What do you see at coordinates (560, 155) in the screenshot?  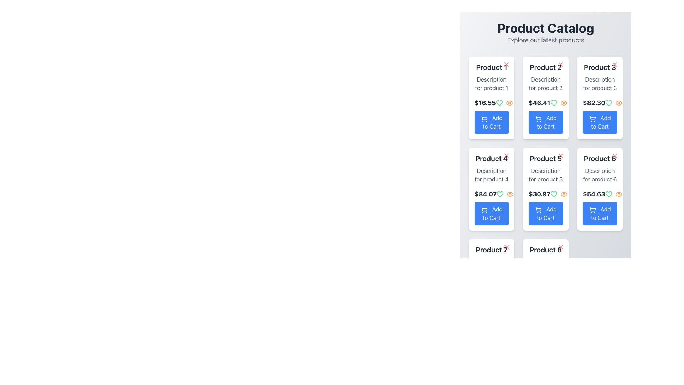 I see `the small red 'X' icon button located at the top-right corner of the product card for 'Product 5' to change its visual state` at bounding box center [560, 155].